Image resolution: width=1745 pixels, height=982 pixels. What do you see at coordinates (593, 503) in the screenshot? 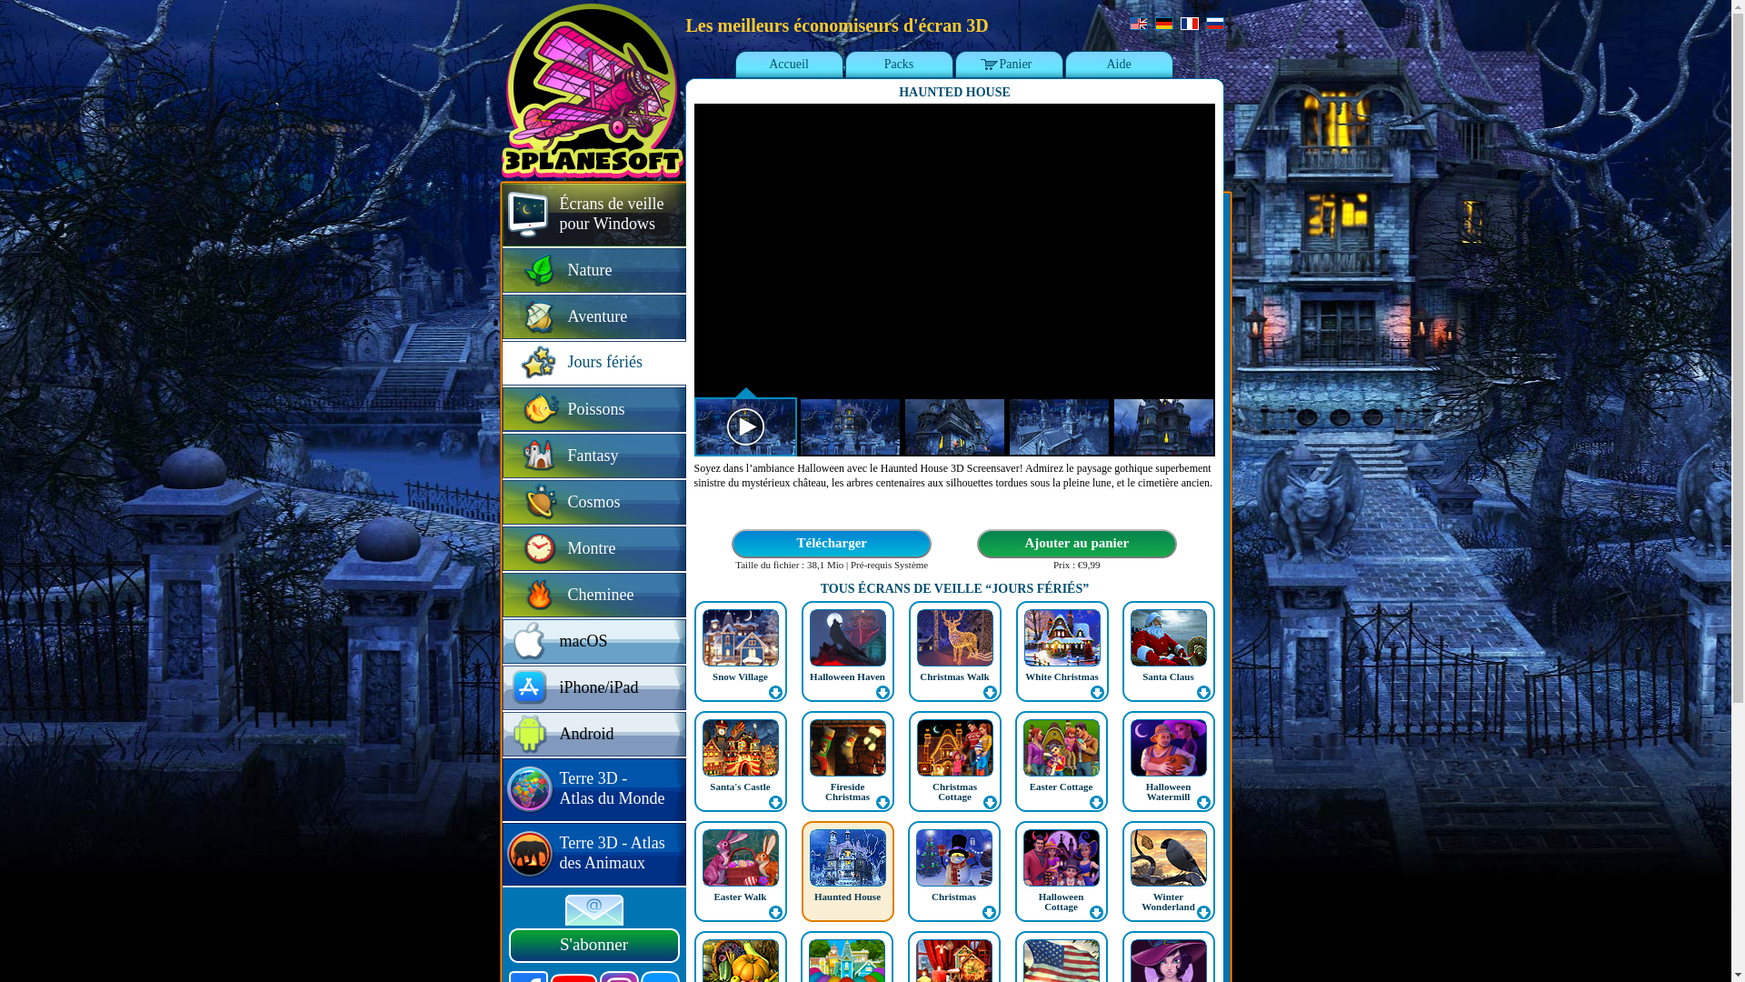
I see `'Cosmos'` at bounding box center [593, 503].